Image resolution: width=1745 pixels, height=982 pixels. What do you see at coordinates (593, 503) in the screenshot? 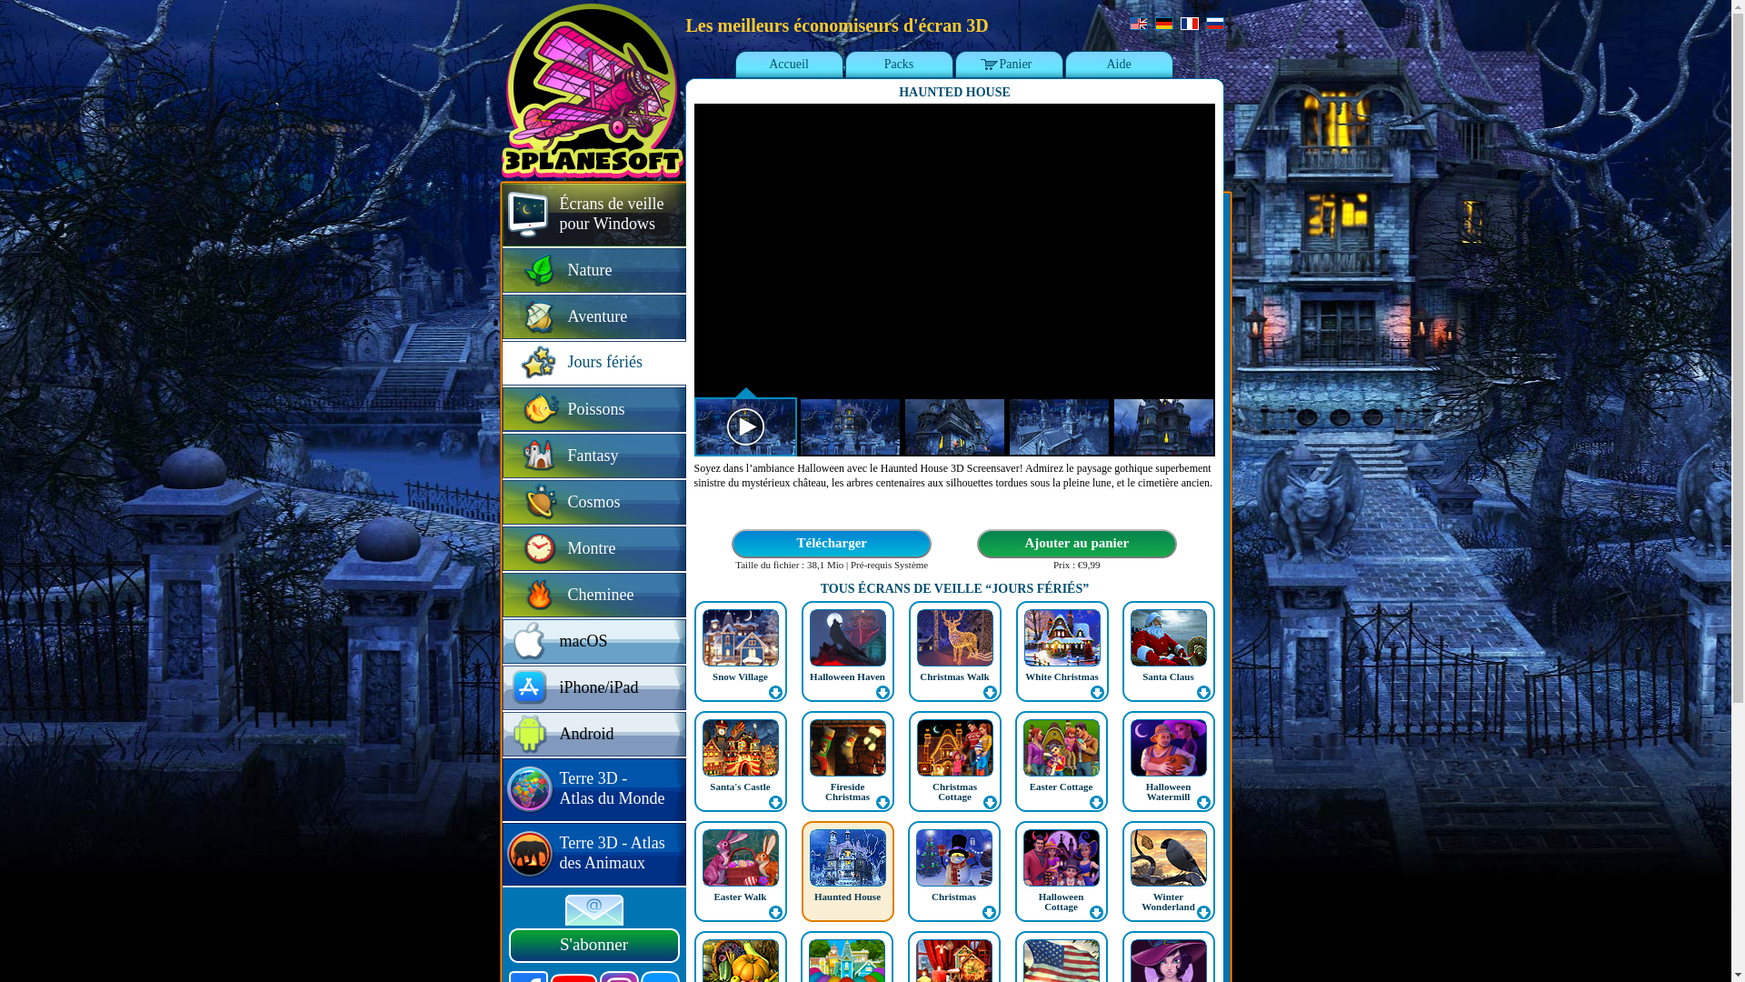
I see `'Cosmos'` at bounding box center [593, 503].